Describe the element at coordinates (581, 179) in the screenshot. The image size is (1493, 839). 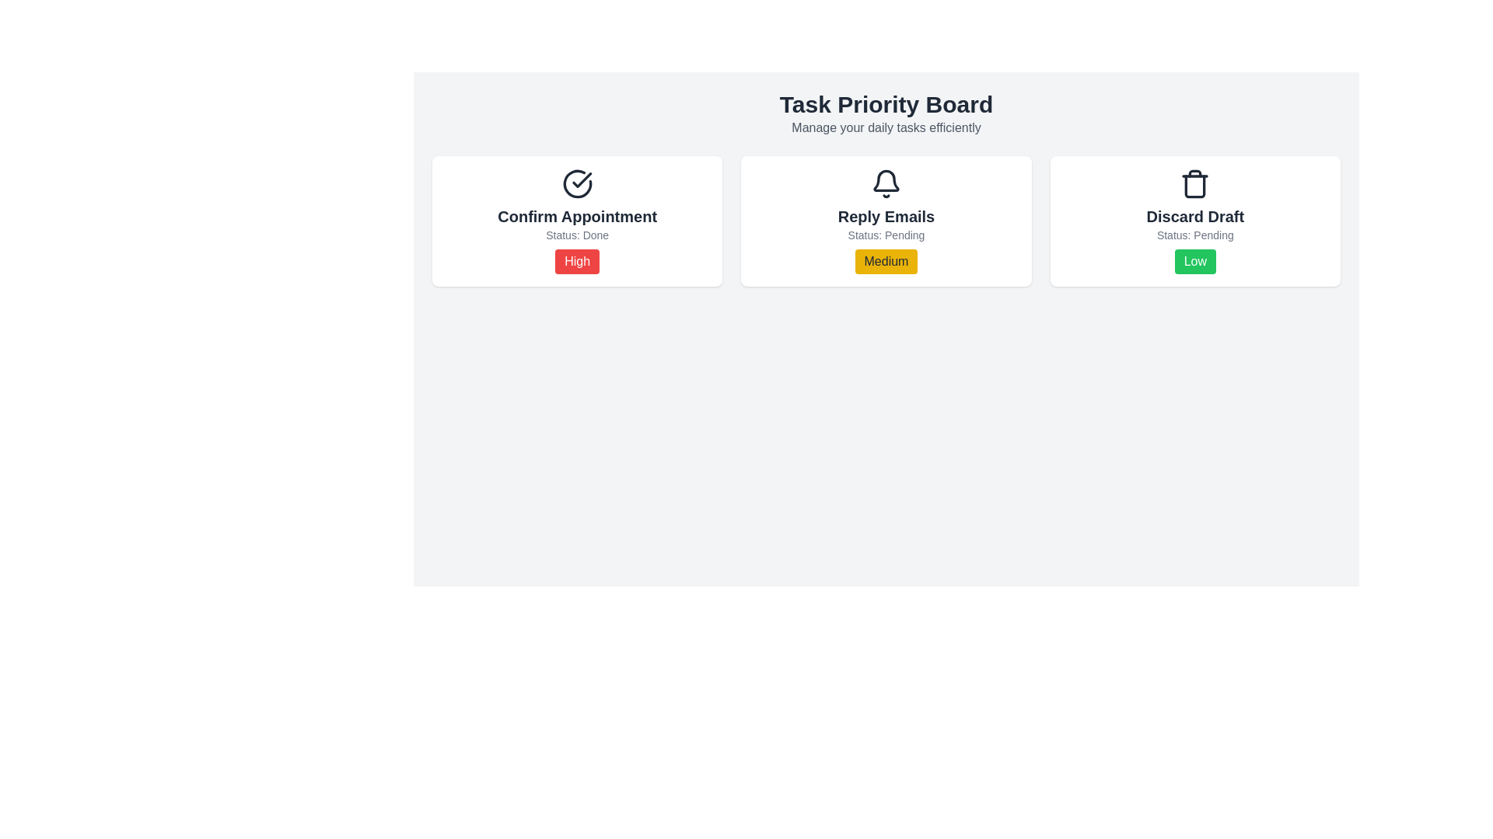
I see `the red outlined checkmark graphic within the 'Confirm Appointment' card` at that location.